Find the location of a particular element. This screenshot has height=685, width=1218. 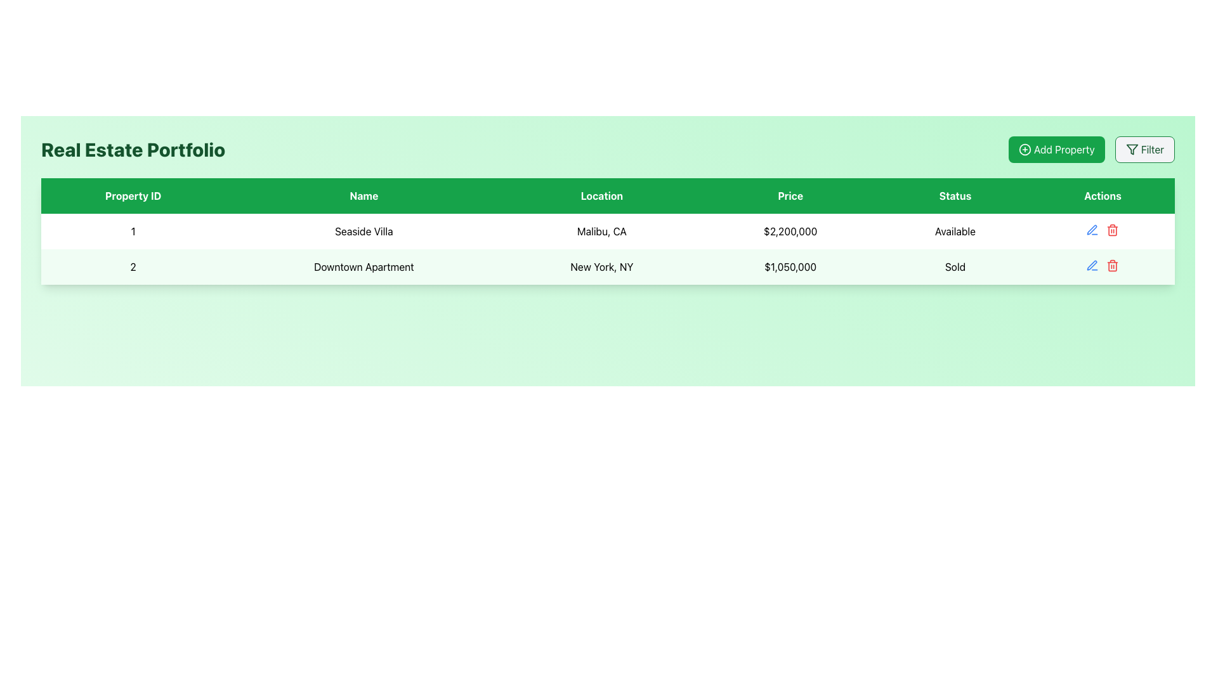

the 'Status' header label in the table, which is located in the fifth position of the header row, providing context for the data below it is located at coordinates (955, 195).